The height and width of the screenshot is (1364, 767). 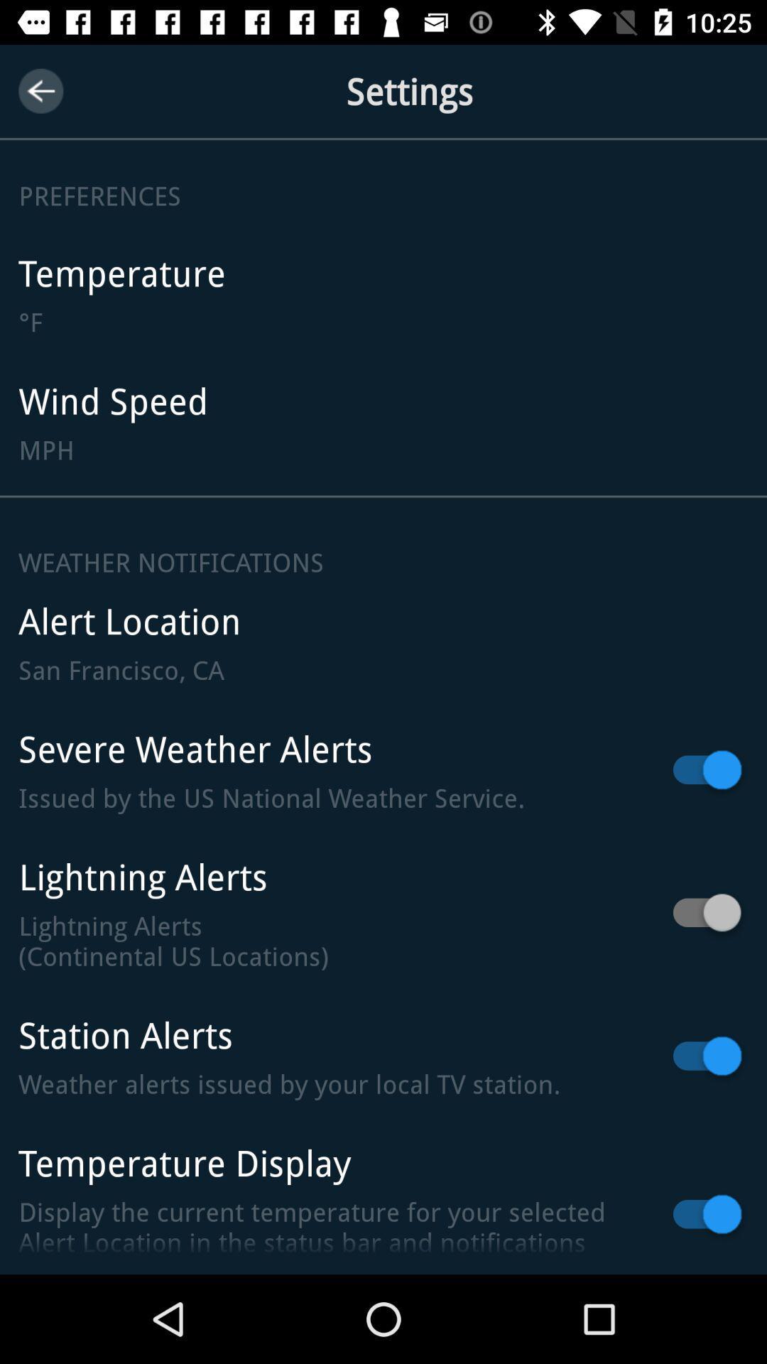 I want to click on the arrow_backward icon, so click(x=40, y=90).